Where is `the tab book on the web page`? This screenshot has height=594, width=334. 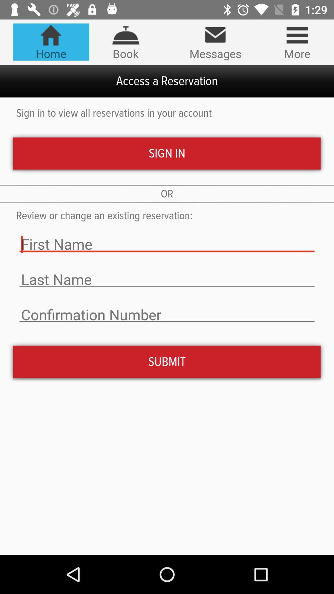
the tab book on the web page is located at coordinates (126, 41).